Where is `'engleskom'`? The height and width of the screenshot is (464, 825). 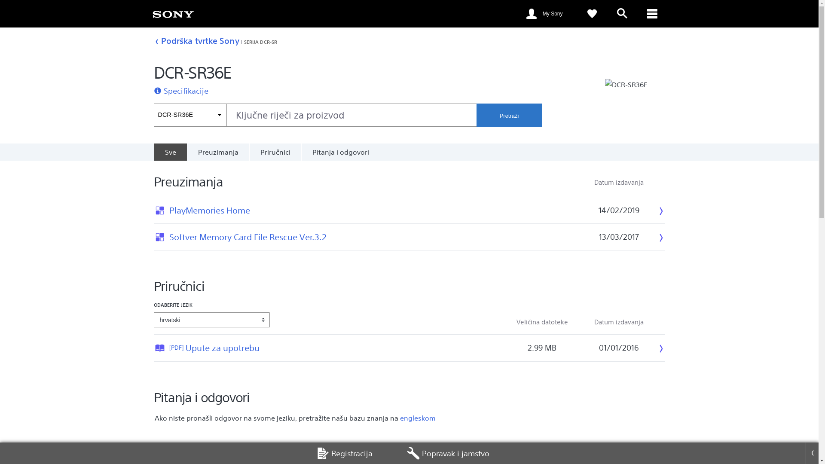
'engleskom' is located at coordinates (399, 417).